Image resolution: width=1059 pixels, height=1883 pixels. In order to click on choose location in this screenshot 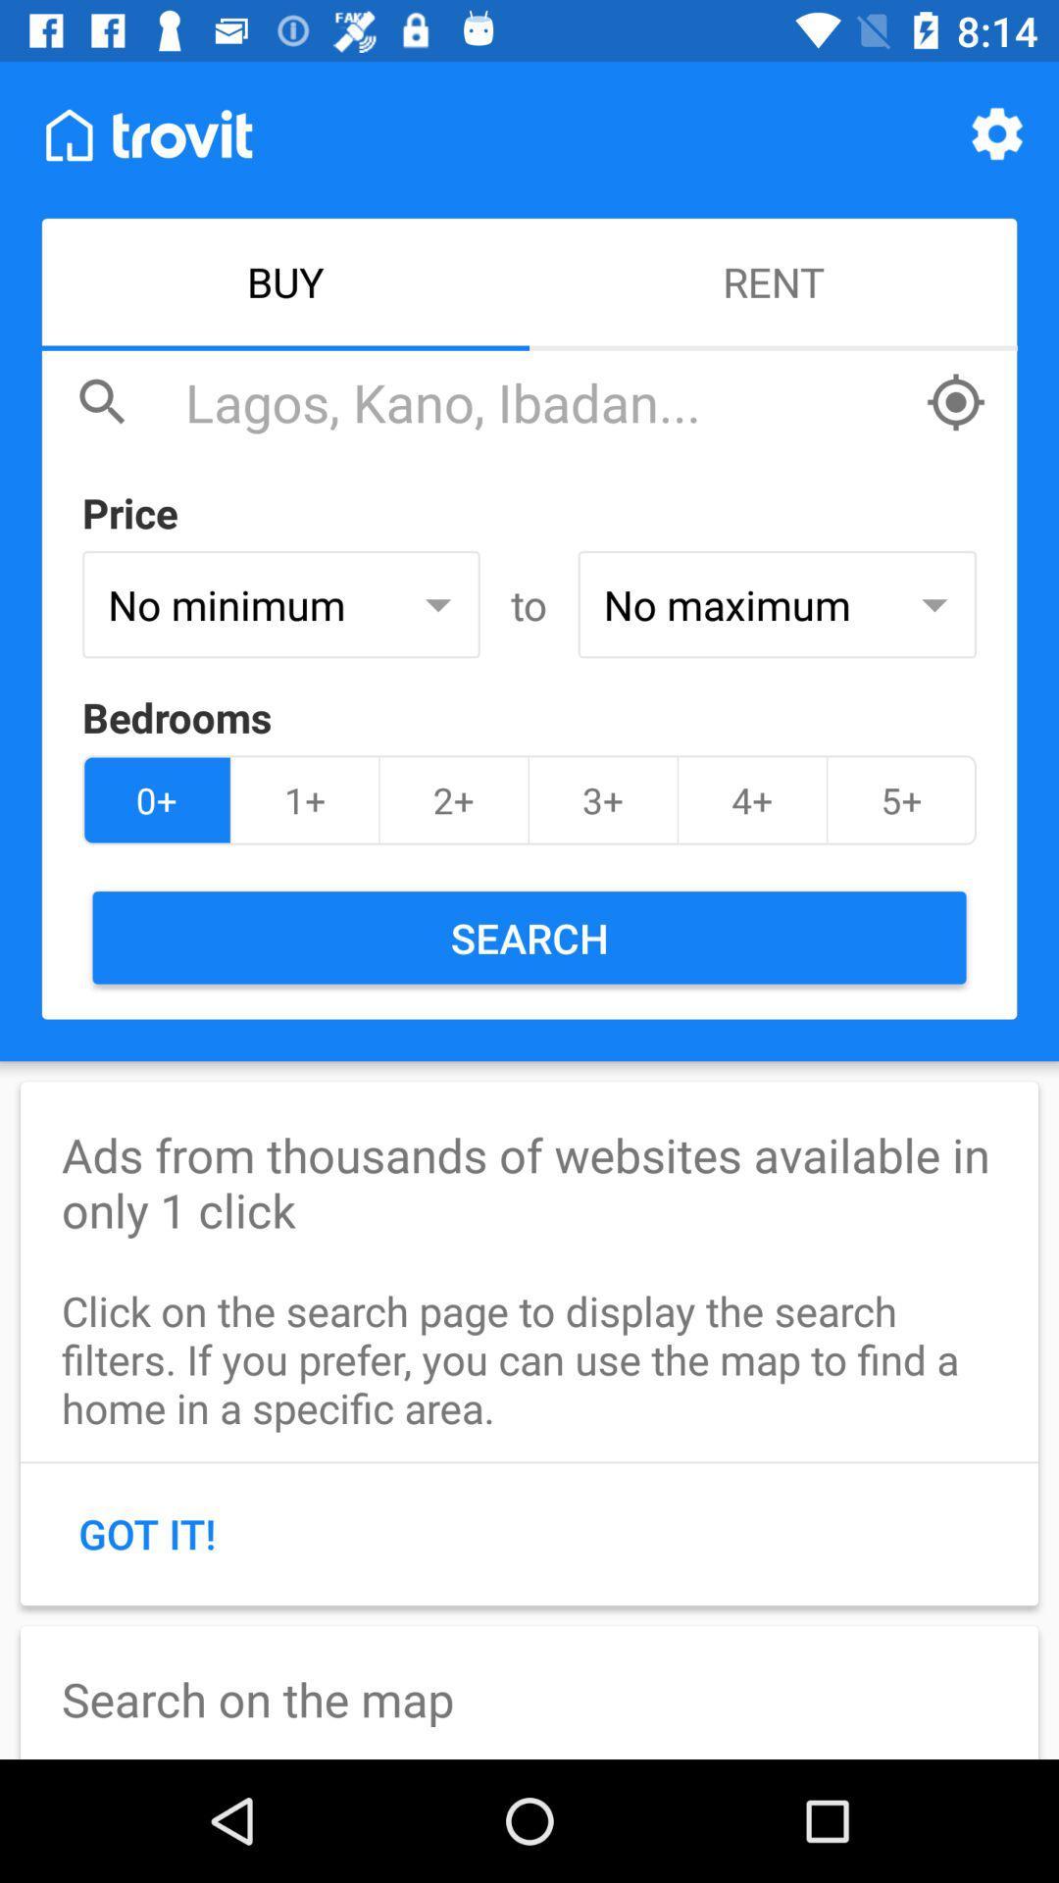, I will do `click(955, 401)`.